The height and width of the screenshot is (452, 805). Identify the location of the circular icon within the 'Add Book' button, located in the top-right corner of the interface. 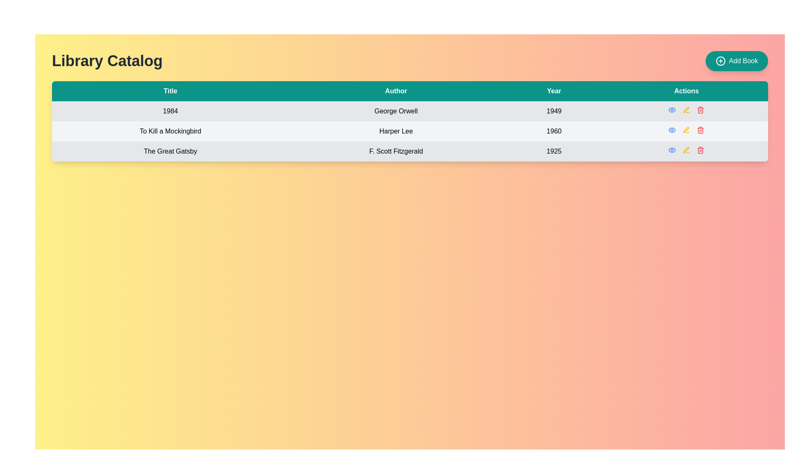
(720, 61).